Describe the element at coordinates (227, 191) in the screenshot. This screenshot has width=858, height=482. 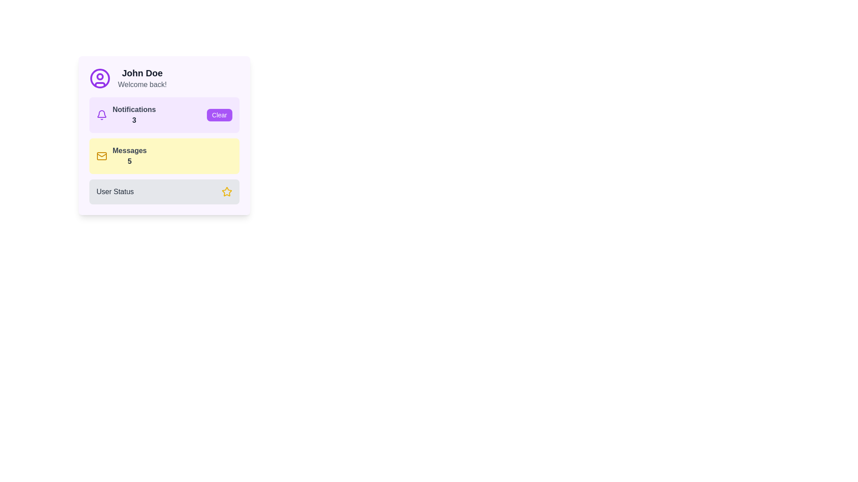
I see `the star icon with a yellow outline located in the 'User Status' section` at that location.